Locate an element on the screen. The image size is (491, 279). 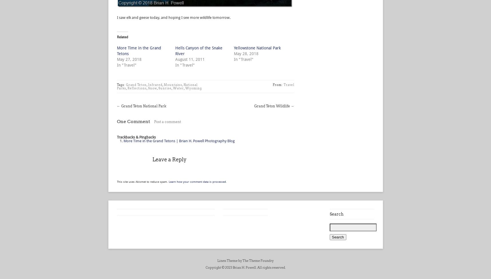
'From:' is located at coordinates (277, 85).